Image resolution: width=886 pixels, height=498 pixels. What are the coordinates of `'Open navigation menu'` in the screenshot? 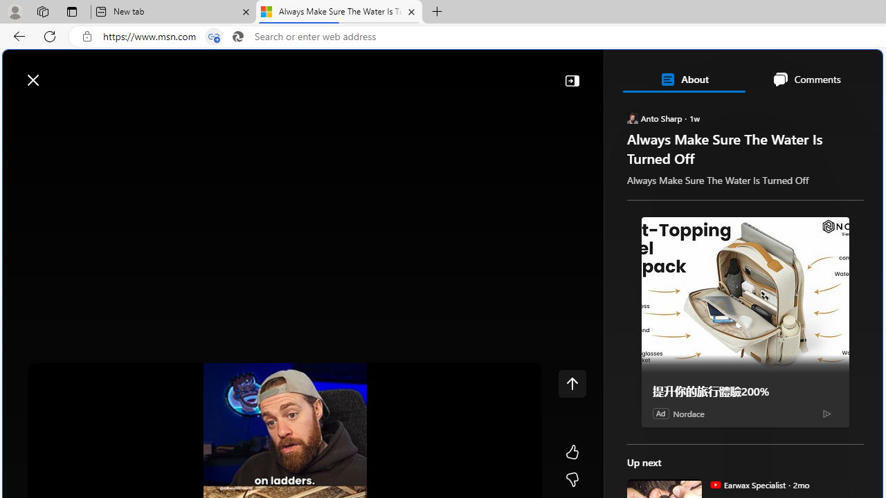 It's located at (20, 112).